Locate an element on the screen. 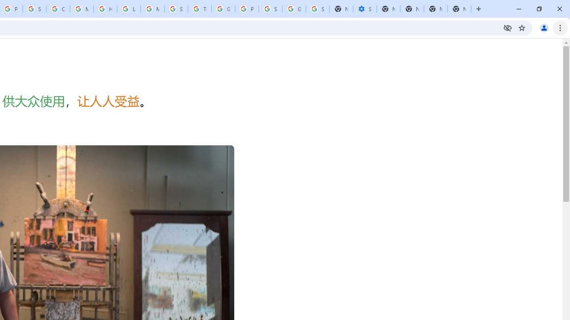 Image resolution: width=570 pixels, height=320 pixels. 'Trusted Information and Content - Google Safety Center' is located at coordinates (199, 9).